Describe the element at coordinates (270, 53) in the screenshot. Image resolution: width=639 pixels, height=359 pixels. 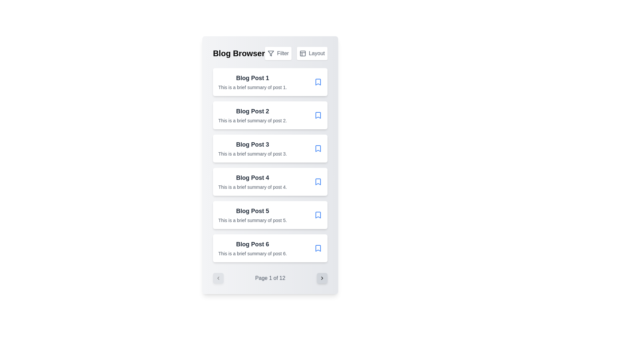
I see `the filter icon located in the center section of the header for blog browsing, which allows users to apply filters` at that location.